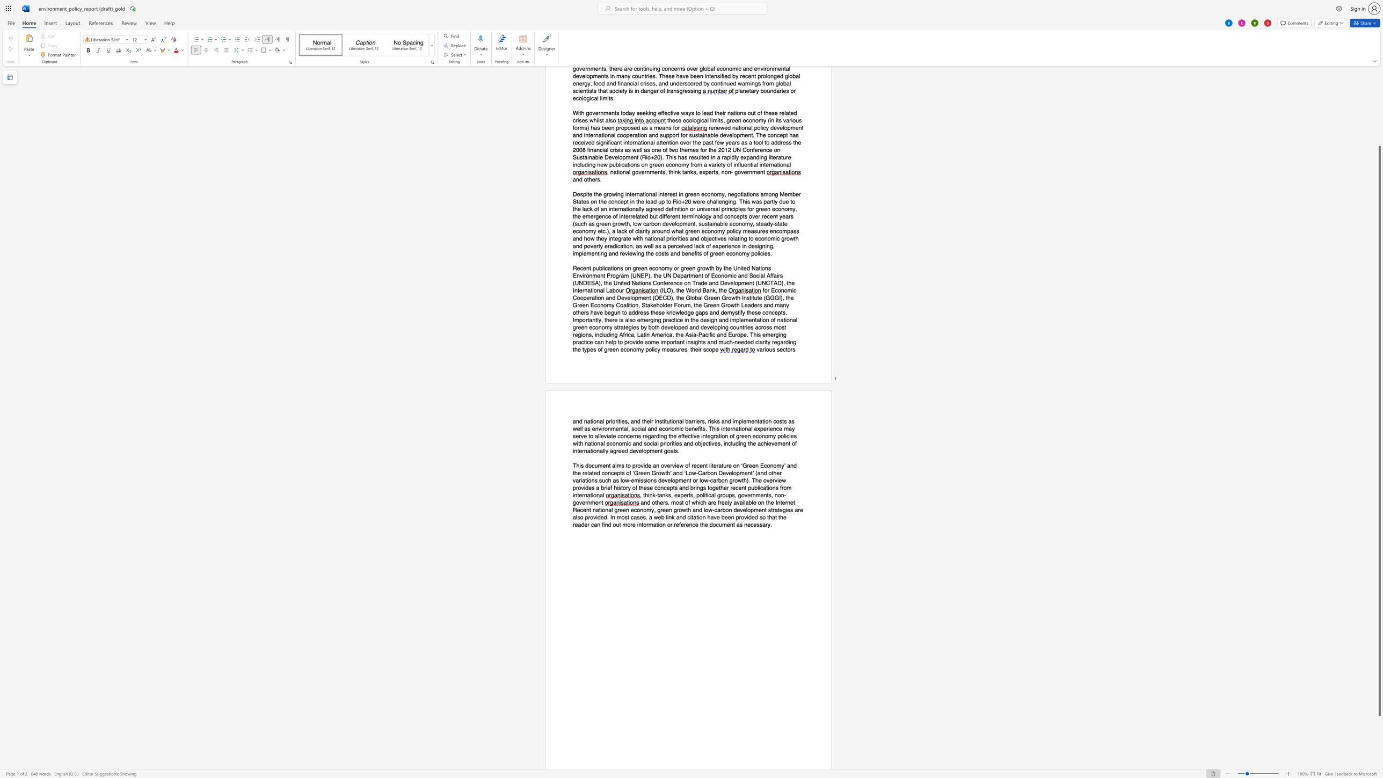  Describe the element at coordinates (1379, 129) in the screenshot. I see `the scrollbar to scroll the page up` at that location.